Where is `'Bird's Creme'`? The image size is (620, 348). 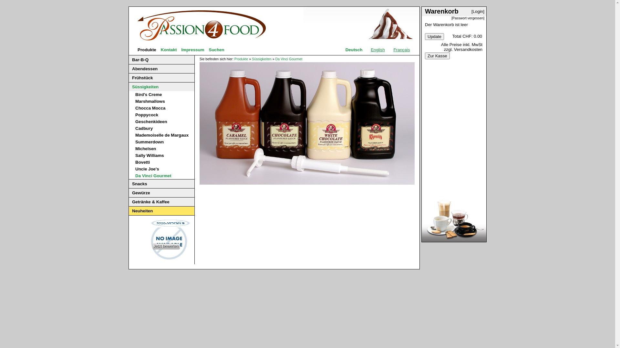
'Bird's Creme' is located at coordinates (148, 94).